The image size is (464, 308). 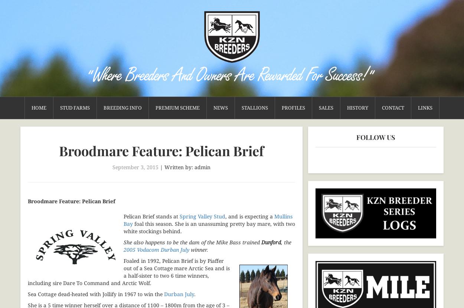 I want to click on 'Links', so click(x=425, y=107).